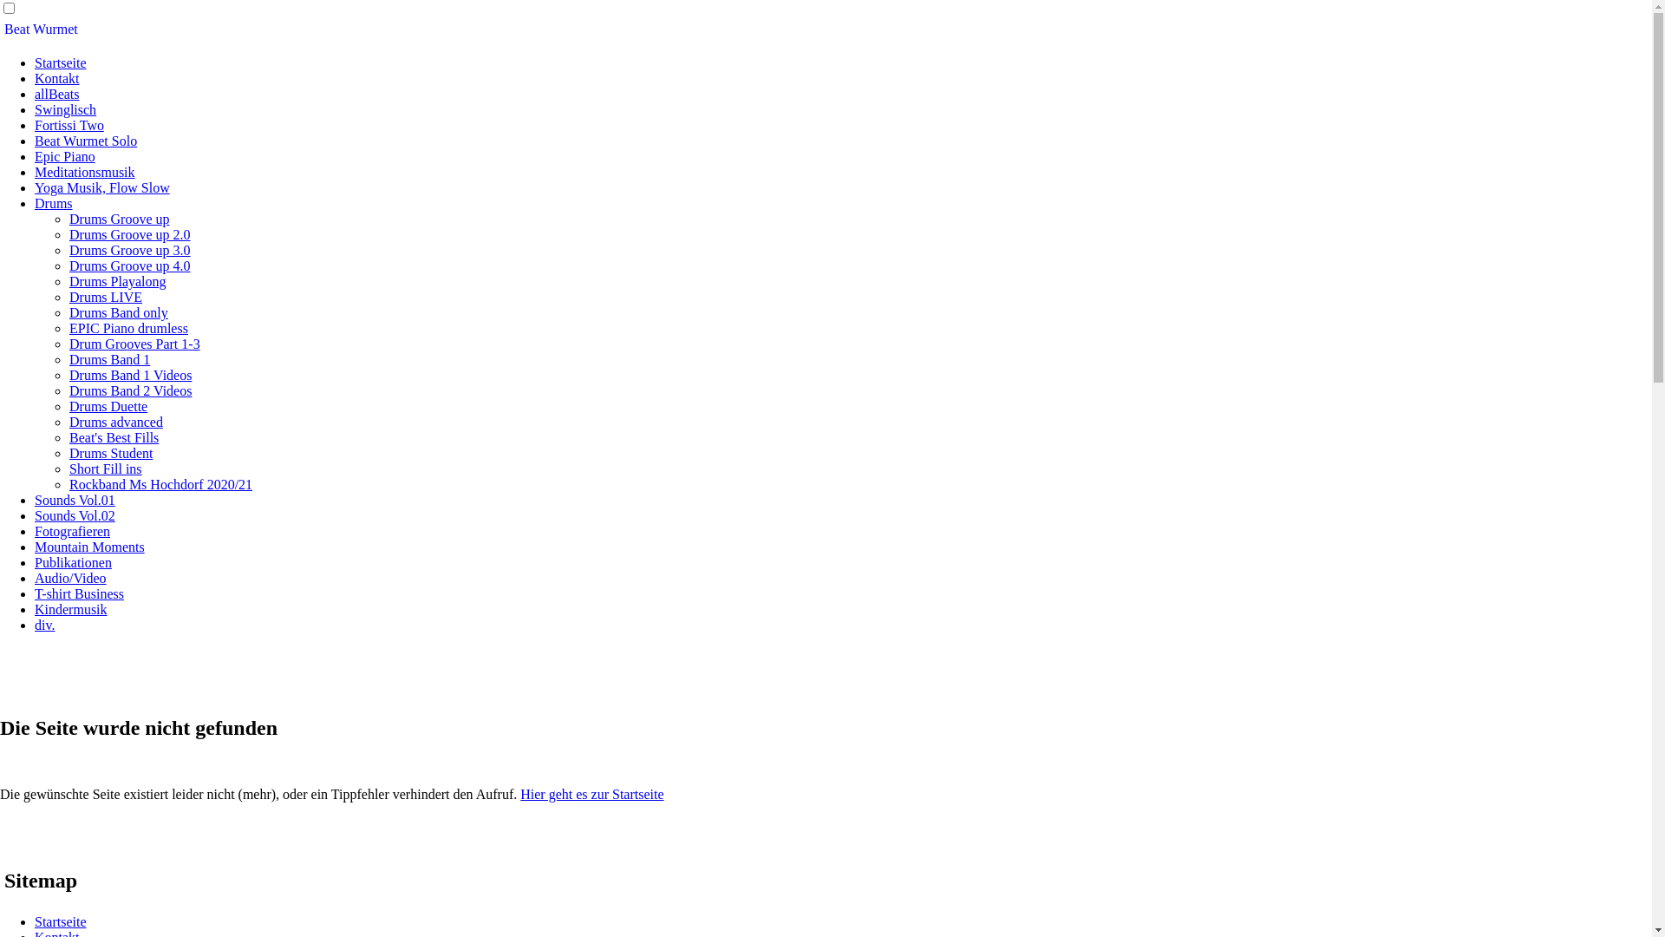 The image size is (1665, 937). I want to click on 'Drums', so click(34, 202).